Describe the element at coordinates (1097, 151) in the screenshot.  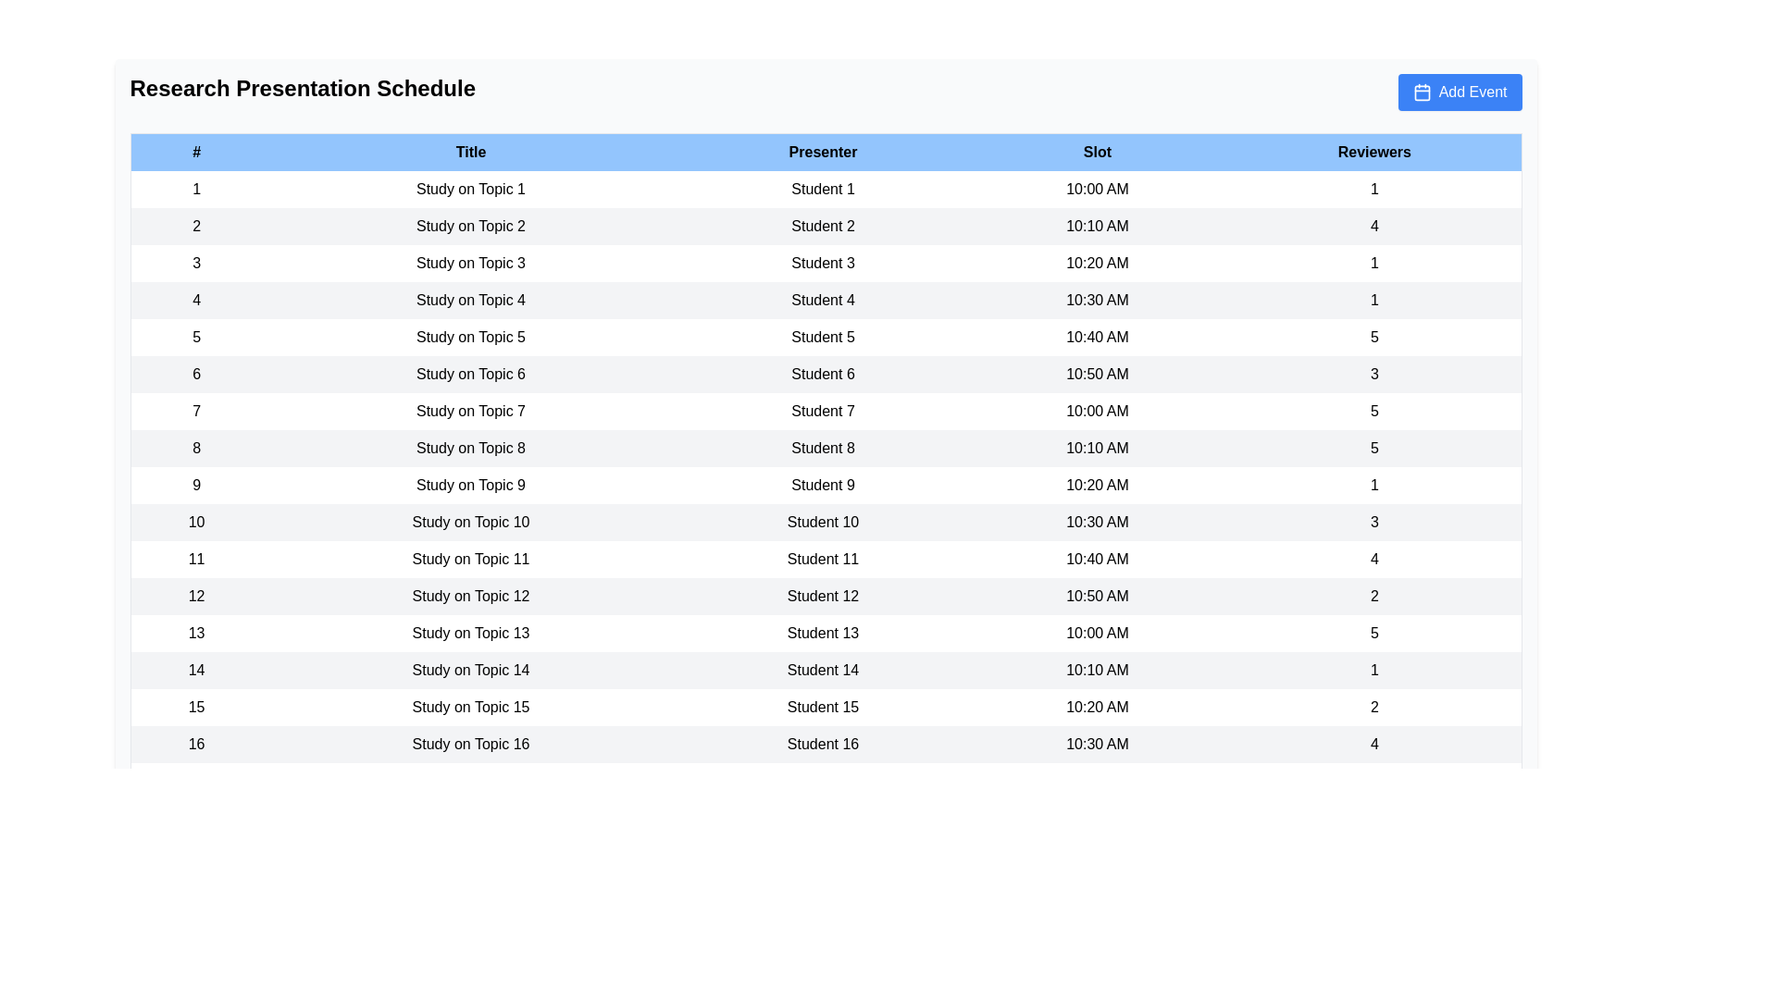
I see `the column header Slot to sort the table by that column` at that location.